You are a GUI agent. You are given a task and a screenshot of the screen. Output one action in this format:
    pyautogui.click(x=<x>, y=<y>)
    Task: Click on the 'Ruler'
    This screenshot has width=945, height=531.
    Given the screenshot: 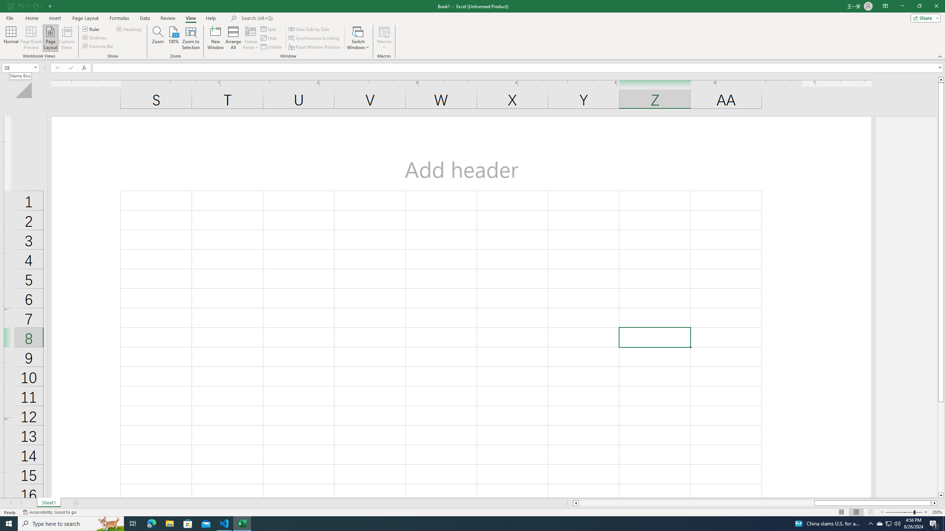 What is the action you would take?
    pyautogui.click(x=92, y=28)
    